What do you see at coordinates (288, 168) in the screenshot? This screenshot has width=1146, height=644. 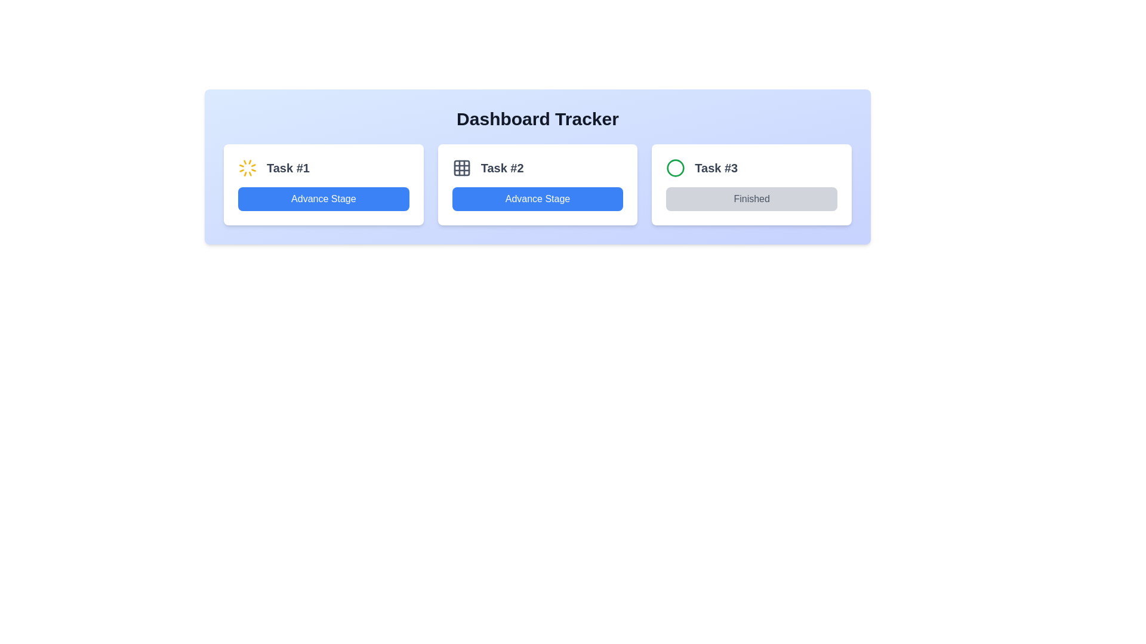 I see `the text label that serves as a header for the task card, located in the first card on the dashboard, which has a yellow spinning icon to the left and a blue button labeled 'Advance Stage' below` at bounding box center [288, 168].